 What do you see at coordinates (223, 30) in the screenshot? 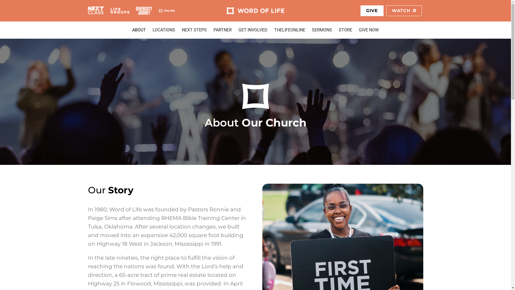
I see `'PARTNER'` at bounding box center [223, 30].